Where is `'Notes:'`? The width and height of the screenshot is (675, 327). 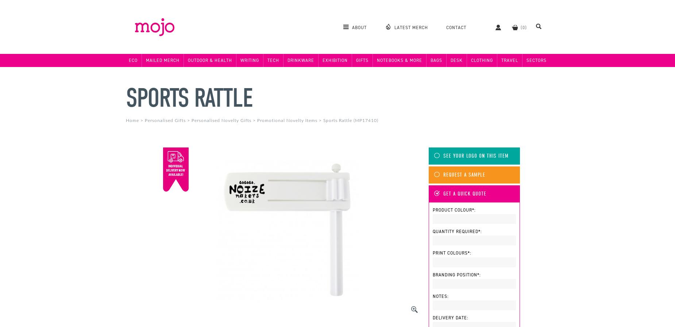
'Notes:' is located at coordinates (440, 296).